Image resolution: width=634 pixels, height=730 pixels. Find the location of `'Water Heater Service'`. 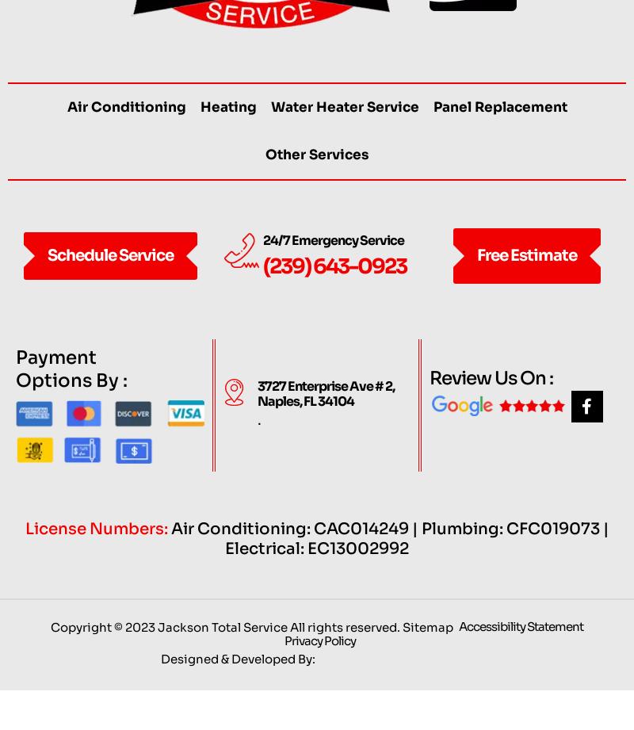

'Water Heater Service' is located at coordinates (343, 138).